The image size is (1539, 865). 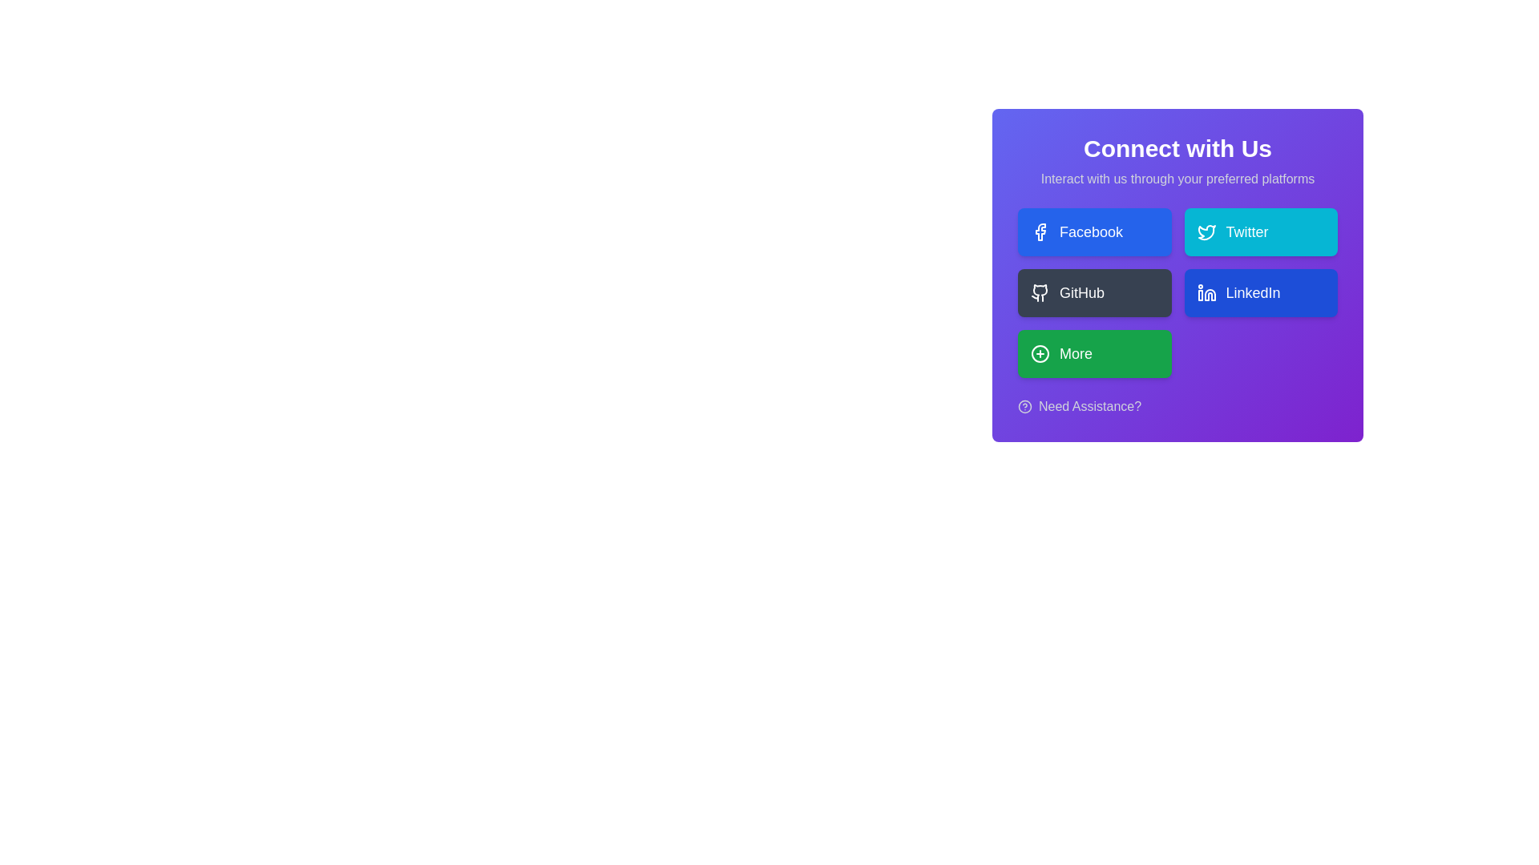 I want to click on the GitHub branding icon, the leftmost component of the button labeled 'GitHub' in the second row of buttons, so click(x=1040, y=293).